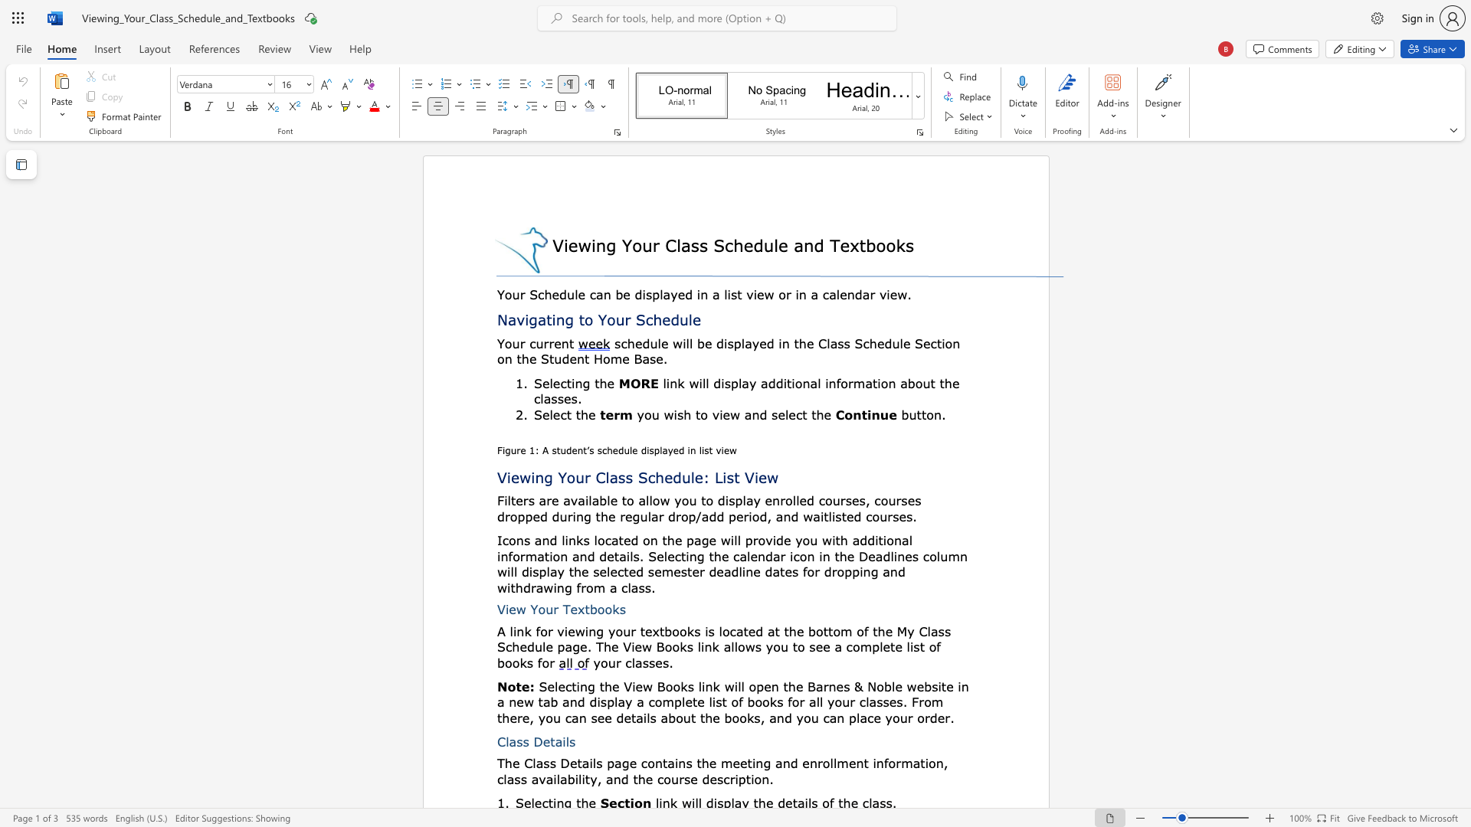 The image size is (1471, 827). I want to click on the subset text "gating to Your Sch" within the text "Navigating to Your Schedule", so click(529, 319).